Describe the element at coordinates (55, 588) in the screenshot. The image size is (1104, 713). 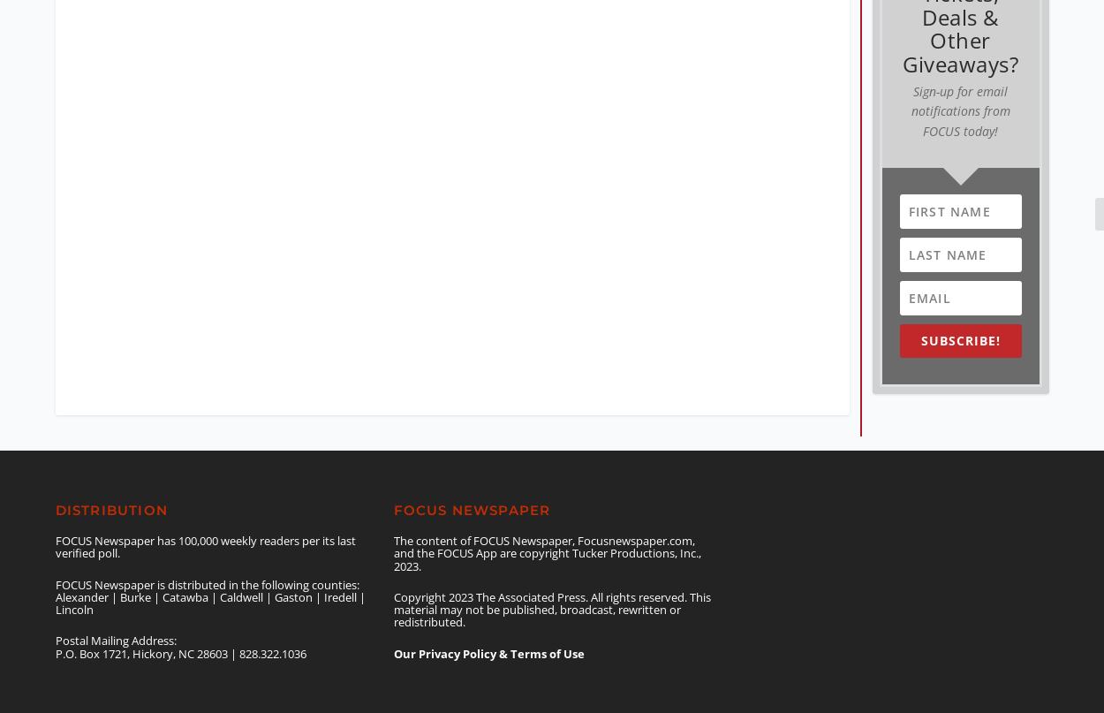
I see `'Alexander | Burke | Catawba | Caldwell | Gaston | Iredell | Lincoln'` at that location.